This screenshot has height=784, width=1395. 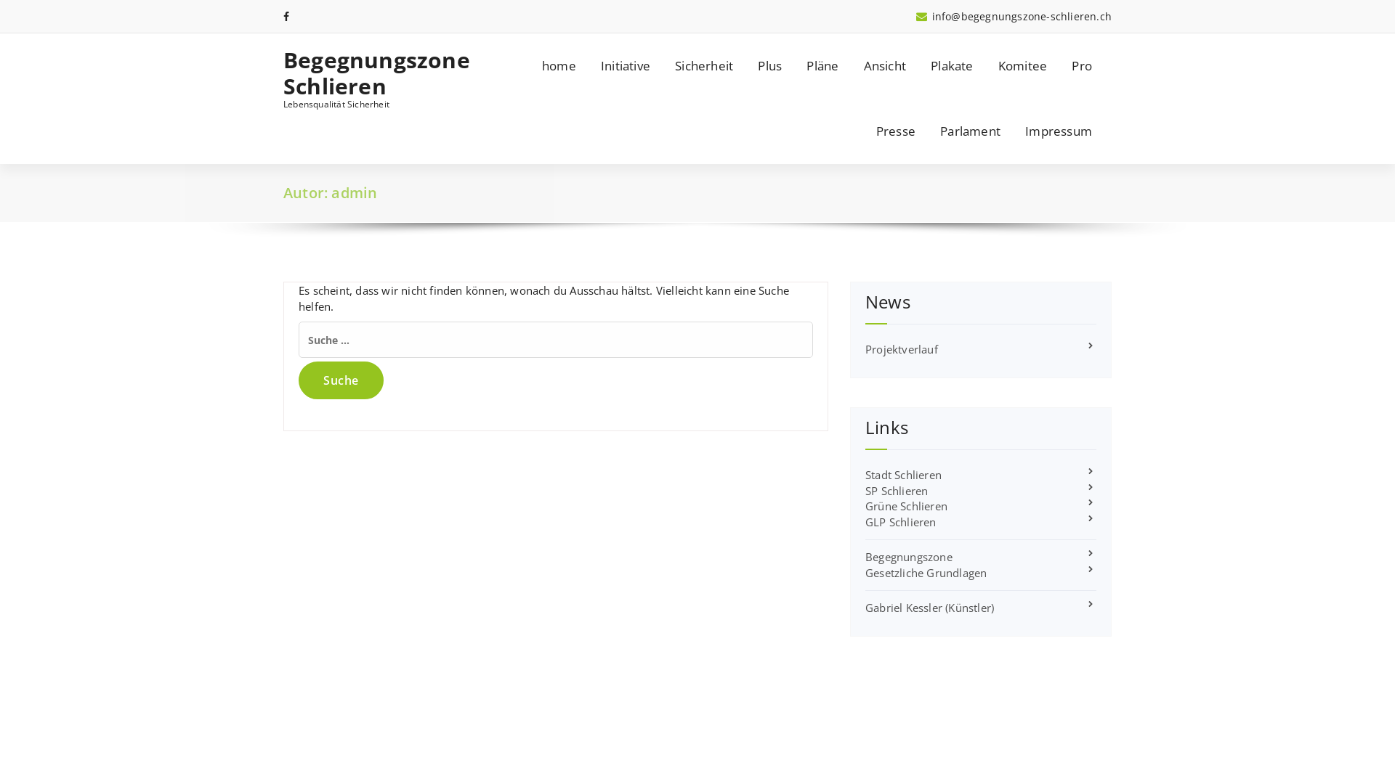 I want to click on 'Ansicht', so click(x=852, y=66).